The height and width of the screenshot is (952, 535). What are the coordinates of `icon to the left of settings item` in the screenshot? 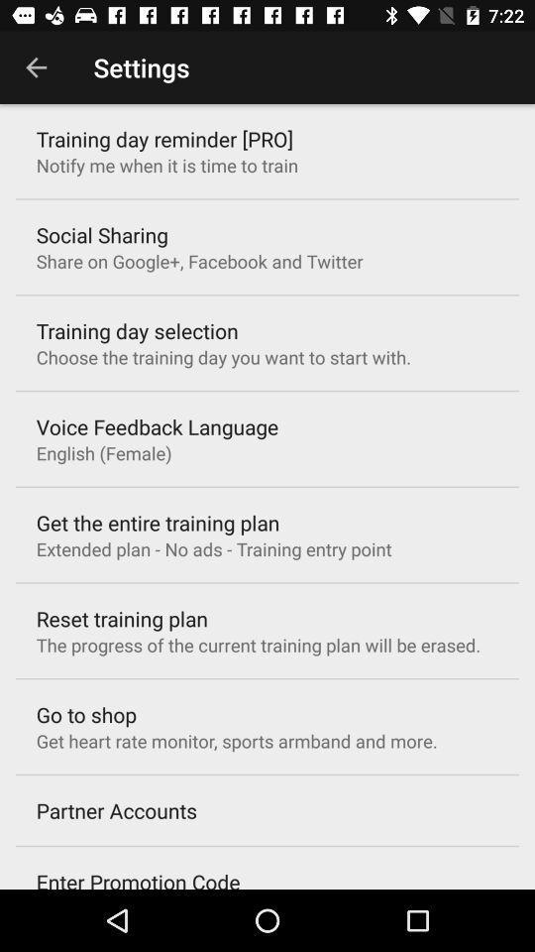 It's located at (36, 67).